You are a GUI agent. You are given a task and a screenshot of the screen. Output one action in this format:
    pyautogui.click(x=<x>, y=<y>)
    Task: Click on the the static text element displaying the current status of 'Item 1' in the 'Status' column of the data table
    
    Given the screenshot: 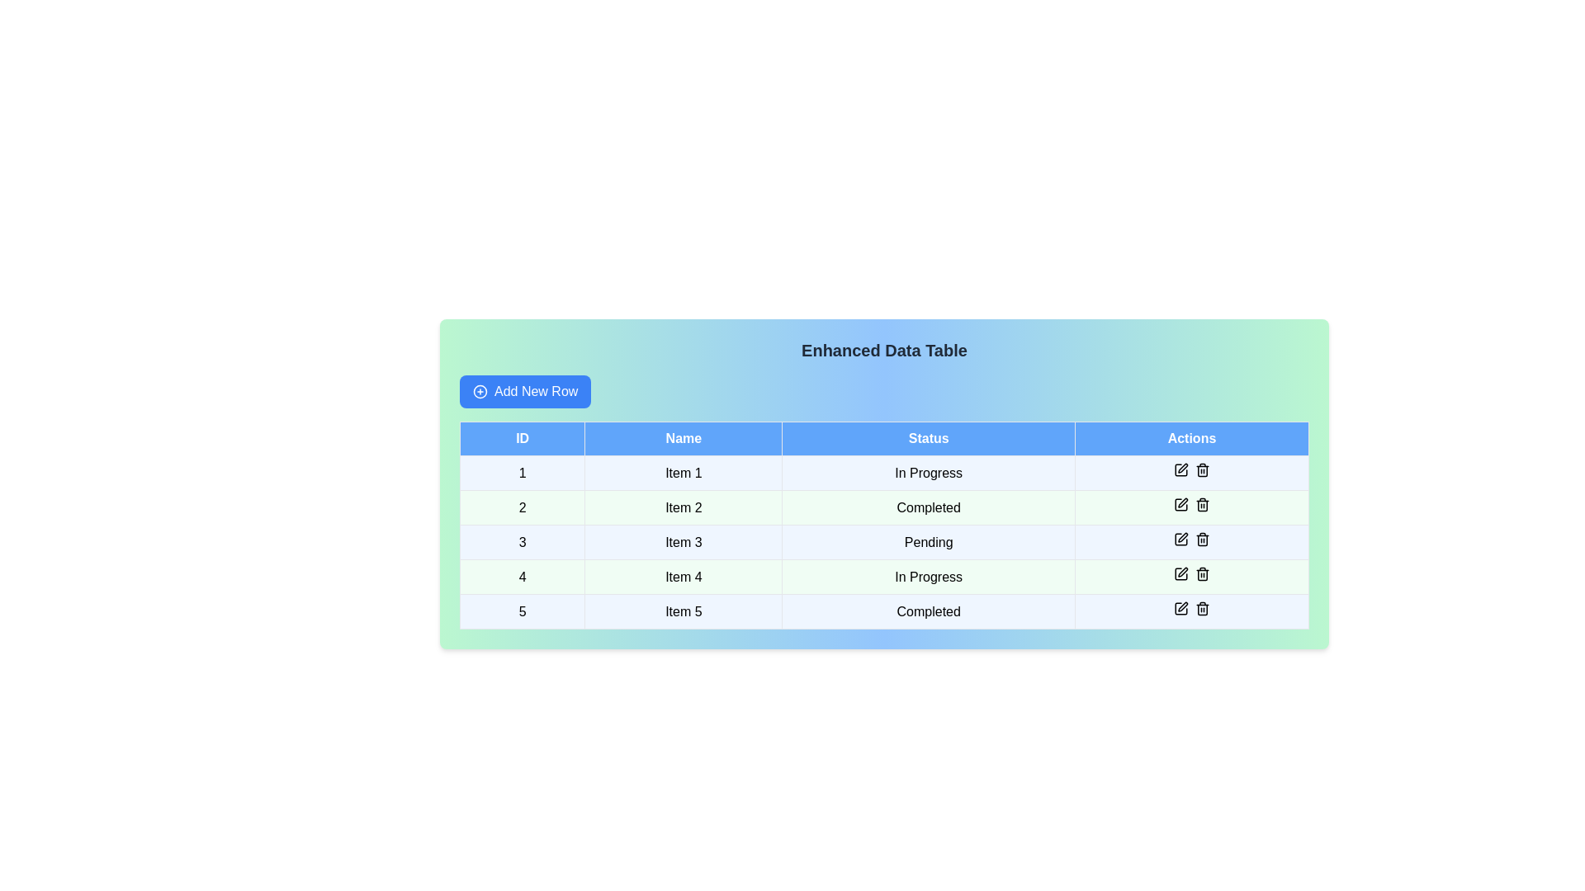 What is the action you would take?
    pyautogui.click(x=929, y=473)
    